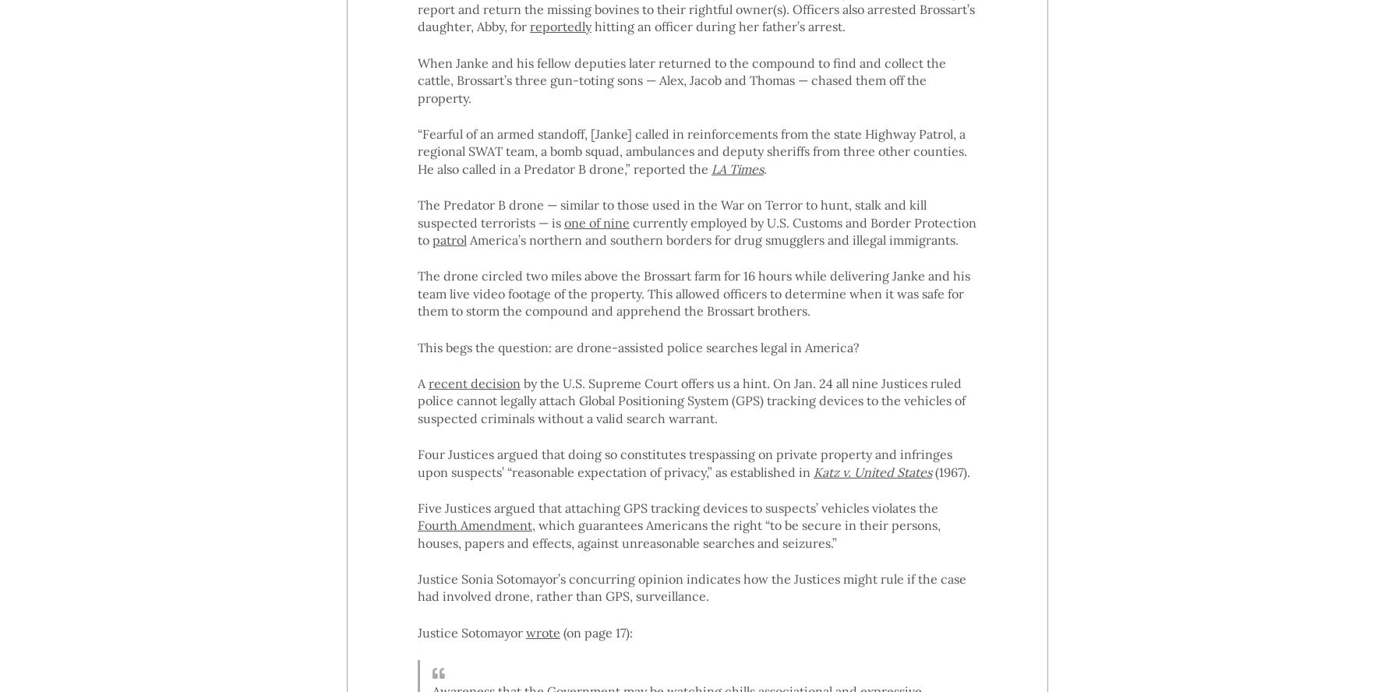 This screenshot has height=692, width=1395. What do you see at coordinates (595, 221) in the screenshot?
I see `'one of nine'` at bounding box center [595, 221].